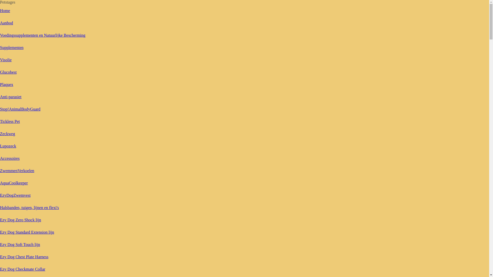 The image size is (493, 277). Describe the element at coordinates (8, 146) in the screenshot. I see `'Lupozeck'` at that location.